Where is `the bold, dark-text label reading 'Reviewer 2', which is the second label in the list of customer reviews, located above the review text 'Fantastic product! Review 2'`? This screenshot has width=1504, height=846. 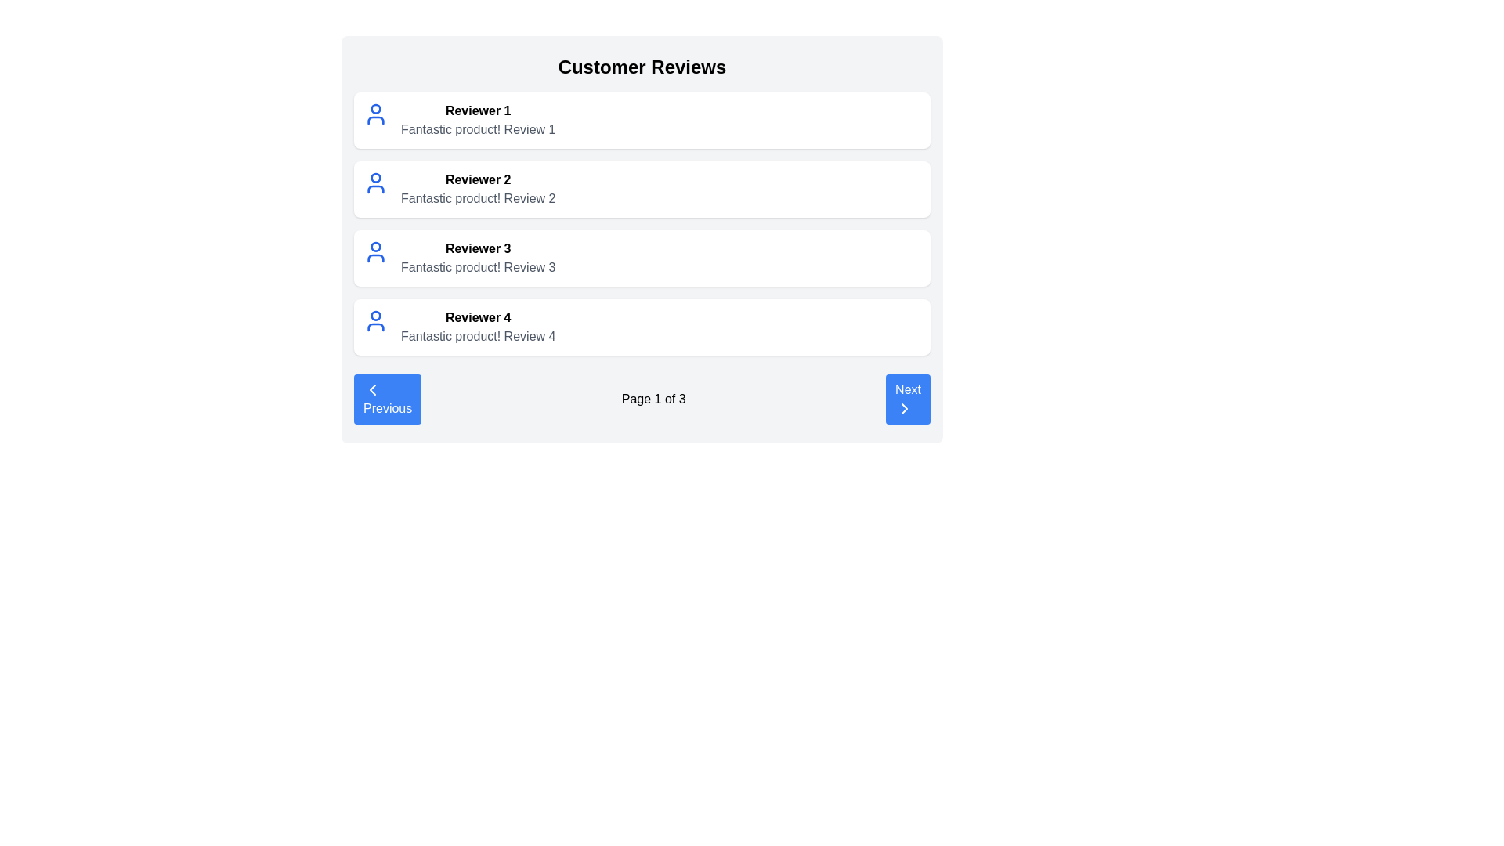 the bold, dark-text label reading 'Reviewer 2', which is the second label in the list of customer reviews, located above the review text 'Fantastic product! Review 2' is located at coordinates (477, 179).